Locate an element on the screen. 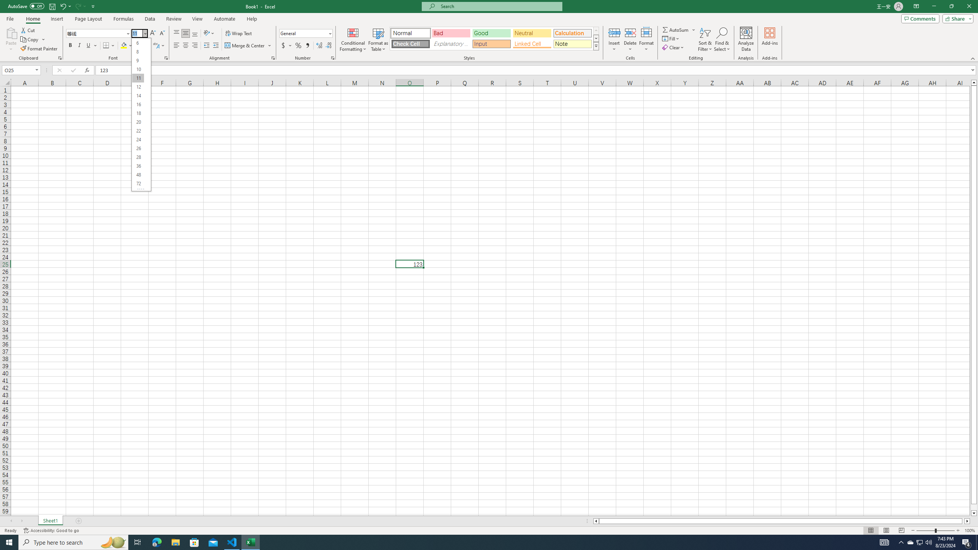  'Conditional Formatting' is located at coordinates (353, 39).